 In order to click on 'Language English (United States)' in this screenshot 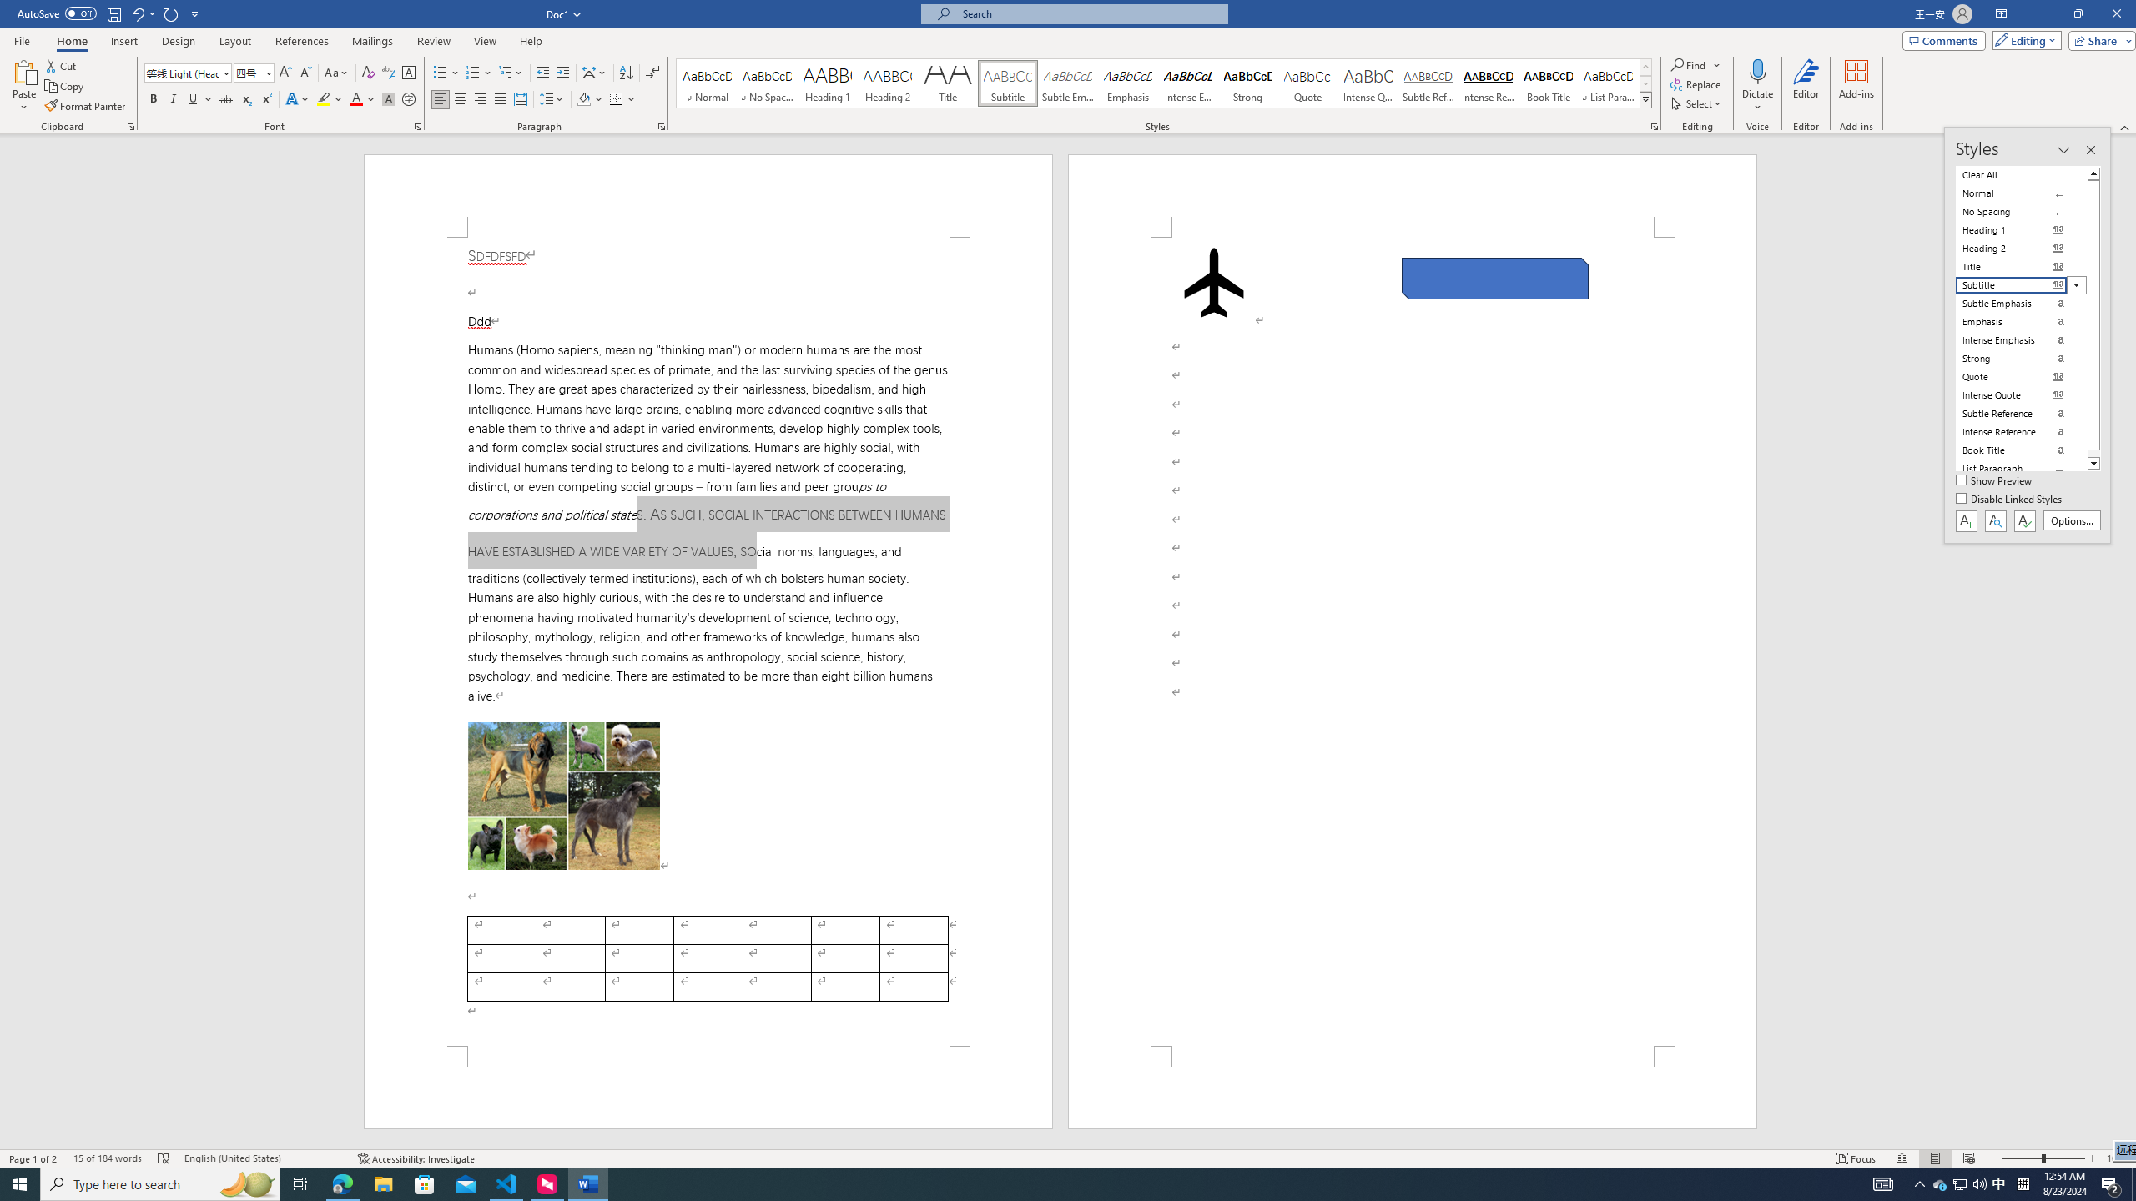, I will do `click(261, 1158)`.